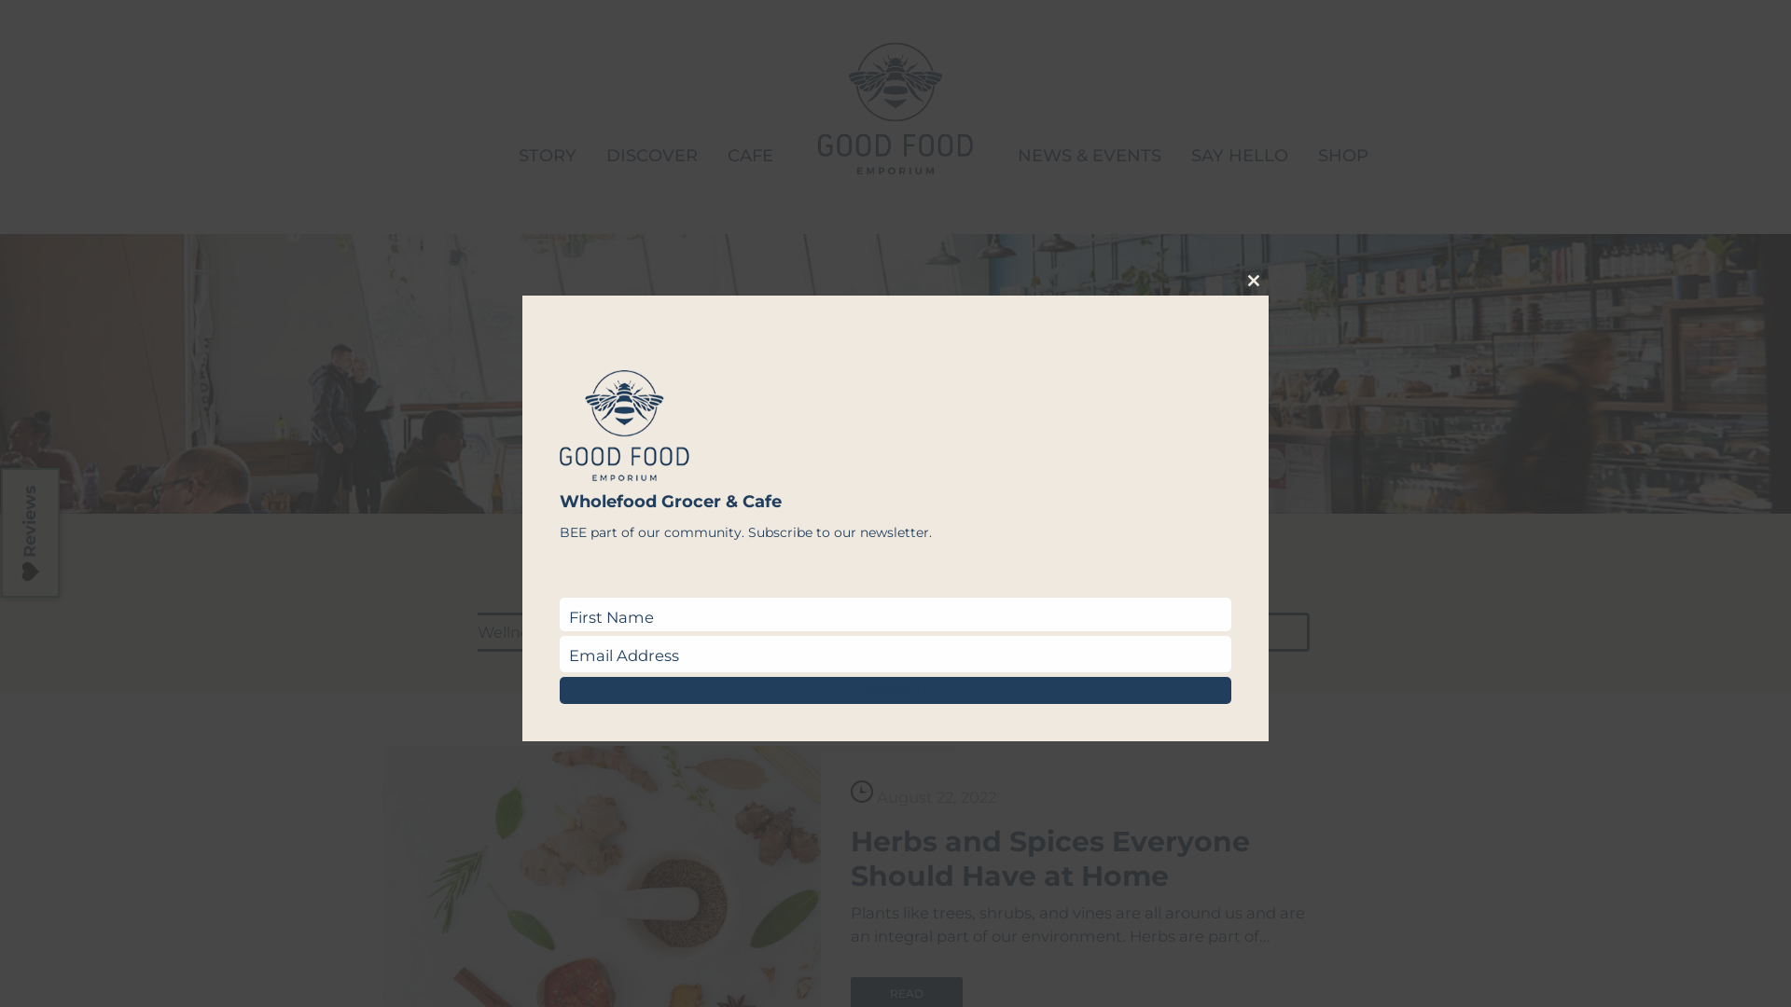  I want to click on 'NEWS & EVENTS', so click(1089, 155).